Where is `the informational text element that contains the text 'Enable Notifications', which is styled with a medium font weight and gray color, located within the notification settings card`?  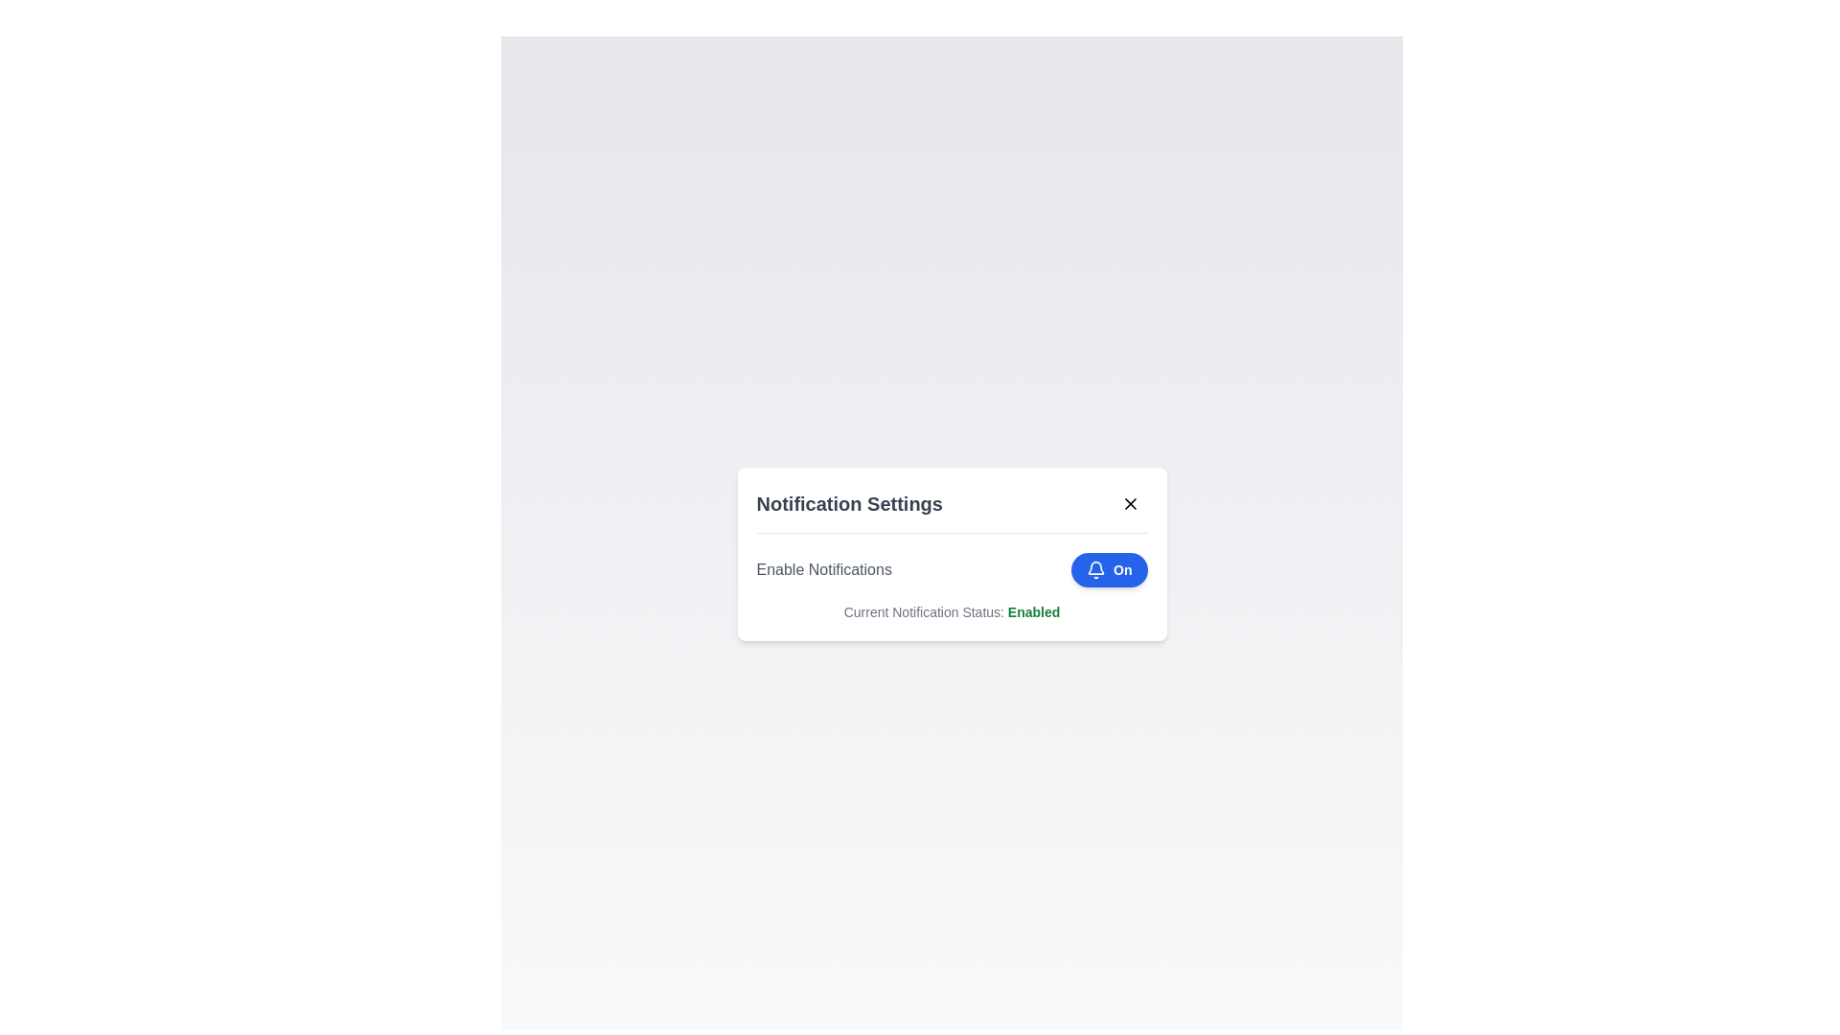 the informational text element that contains the text 'Enable Notifications', which is styled with a medium font weight and gray color, located within the notification settings card is located at coordinates (824, 568).